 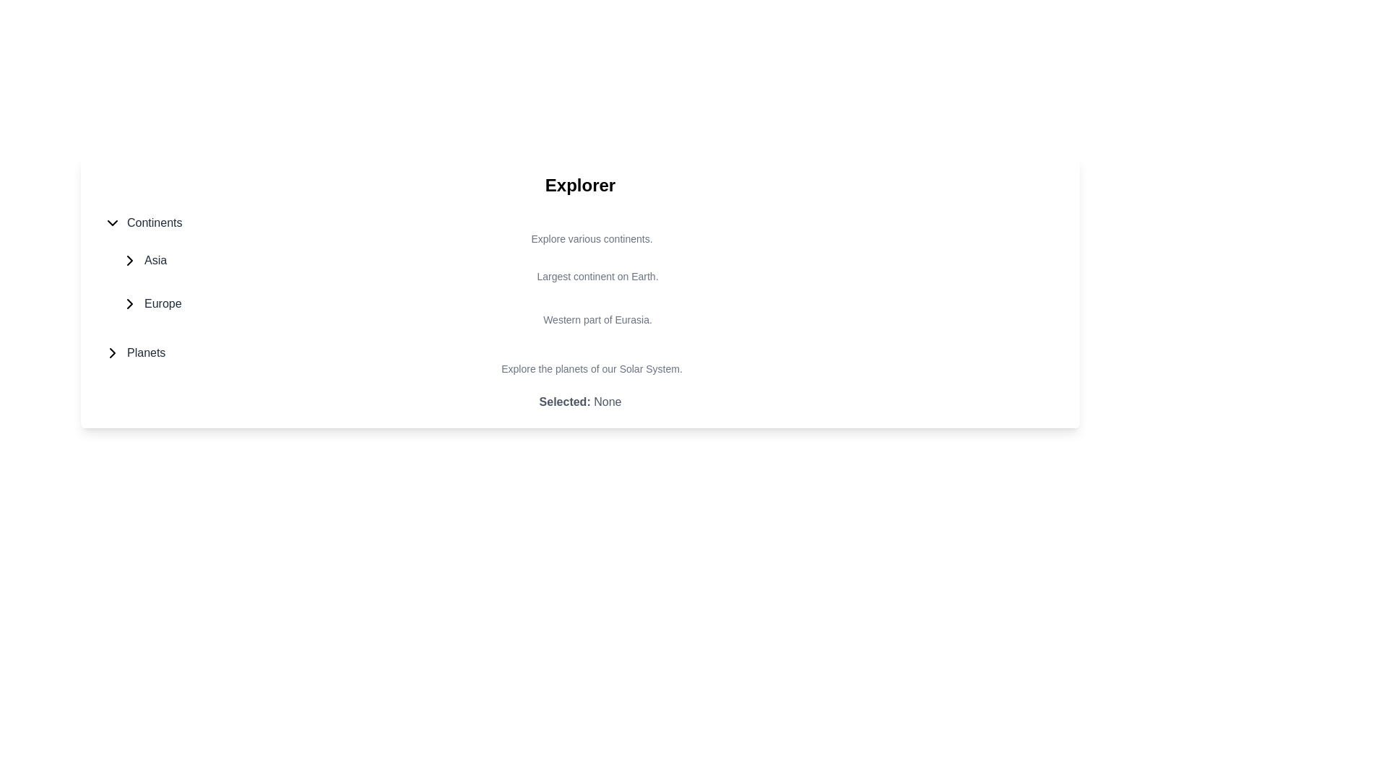 I want to click on the expansion chevron arrow icon, so click(x=130, y=261).